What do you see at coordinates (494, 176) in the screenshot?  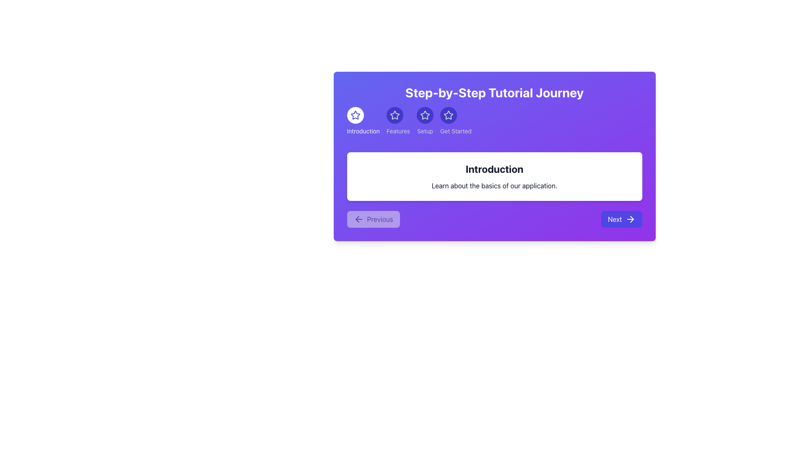 I see `text on the informational card located in the purple gradient section titled 'Step-by-Step Tutorial Journey', which is centrally positioned below the horizontal navigation bar` at bounding box center [494, 176].